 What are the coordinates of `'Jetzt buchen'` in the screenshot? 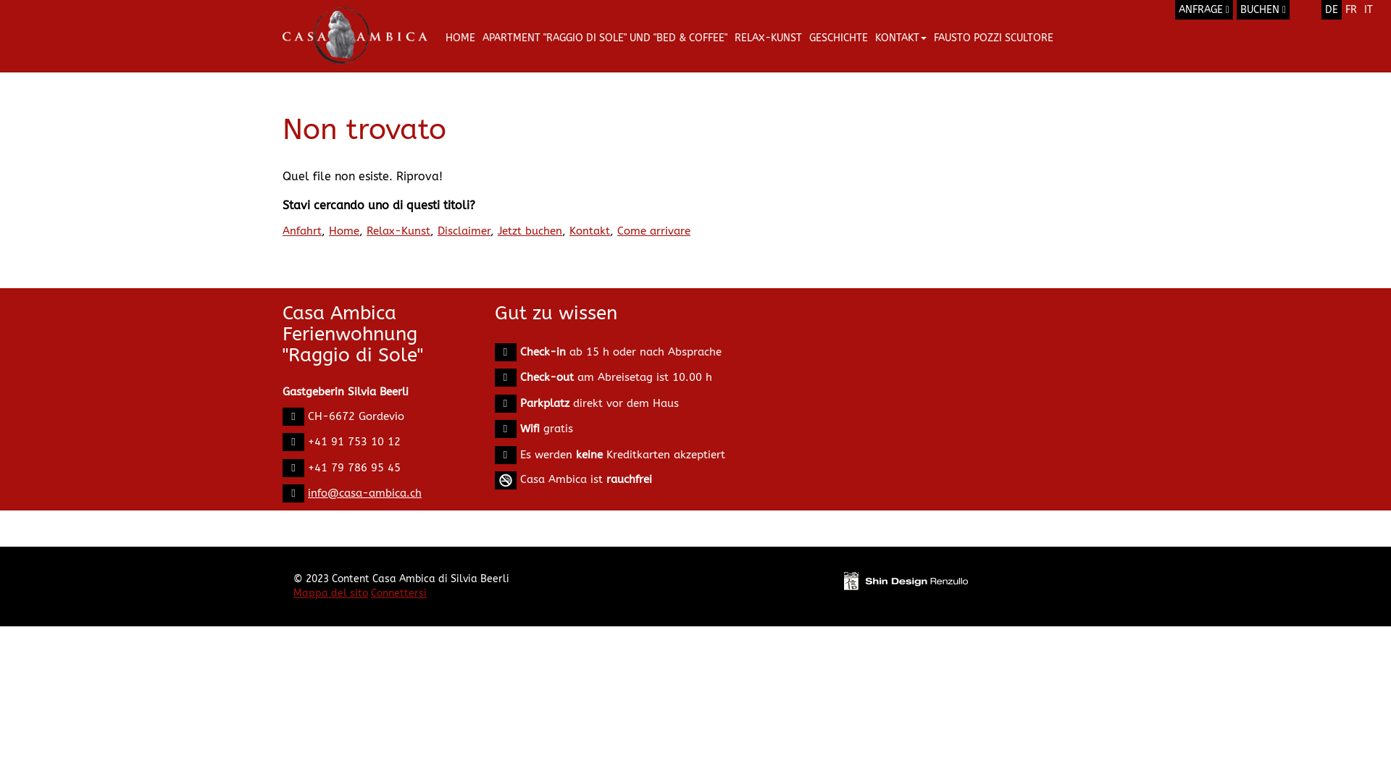 It's located at (529, 230).